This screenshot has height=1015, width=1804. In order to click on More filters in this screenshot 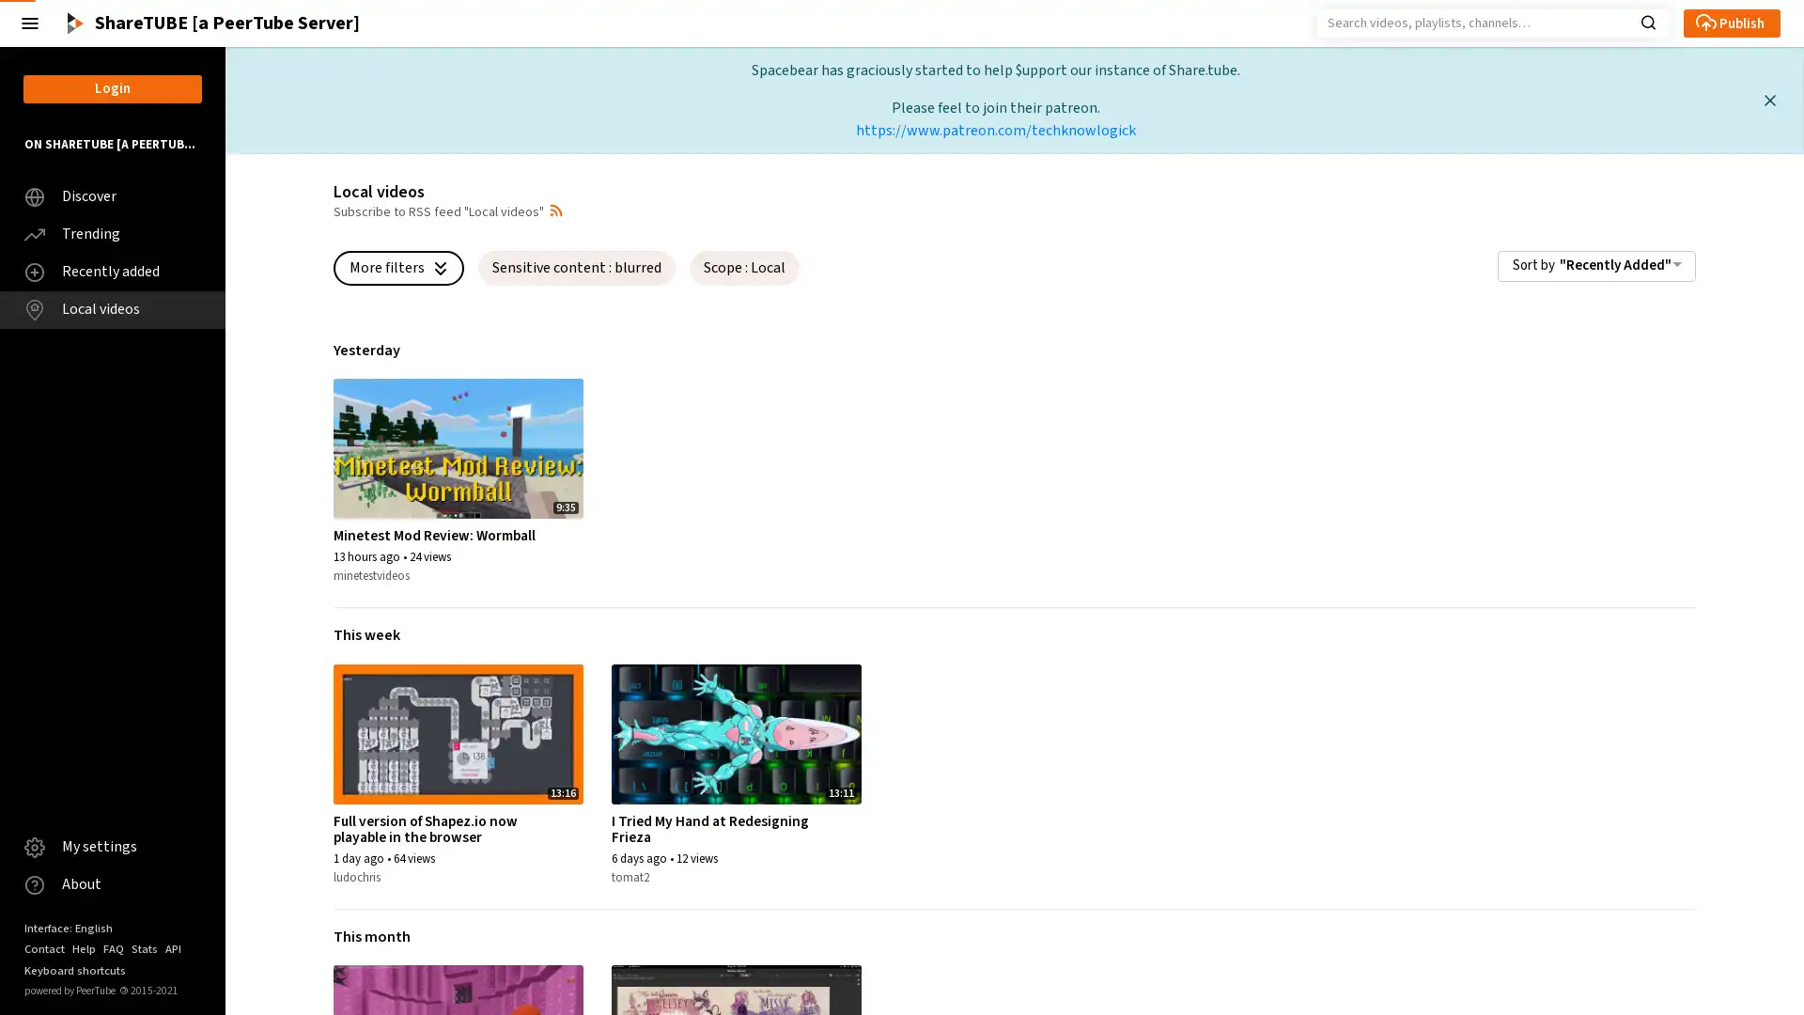, I will do `click(397, 267)`.